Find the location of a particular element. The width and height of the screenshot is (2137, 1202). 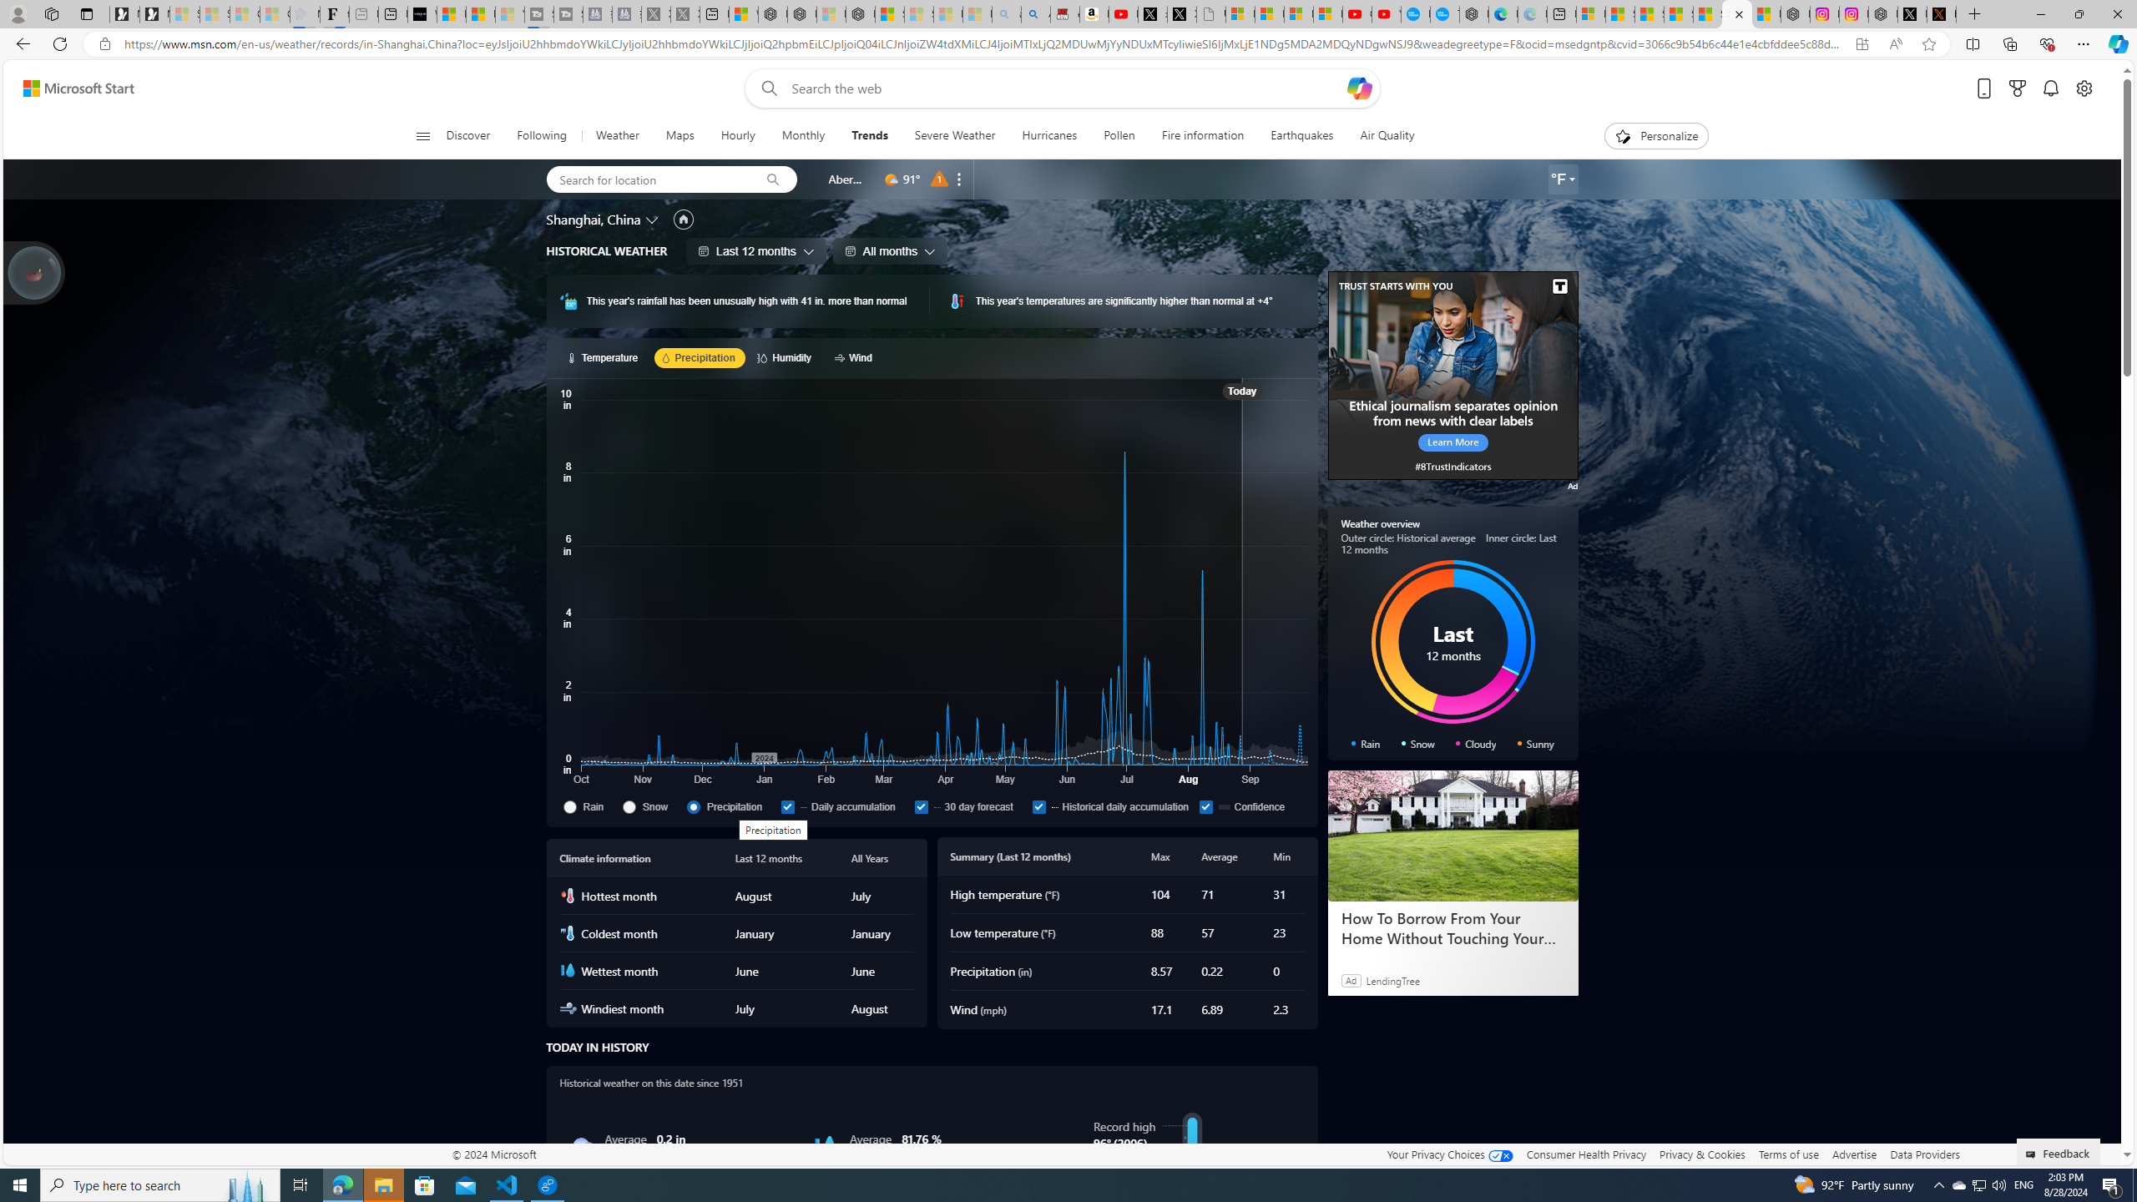

'Severe Weather' is located at coordinates (955, 135).